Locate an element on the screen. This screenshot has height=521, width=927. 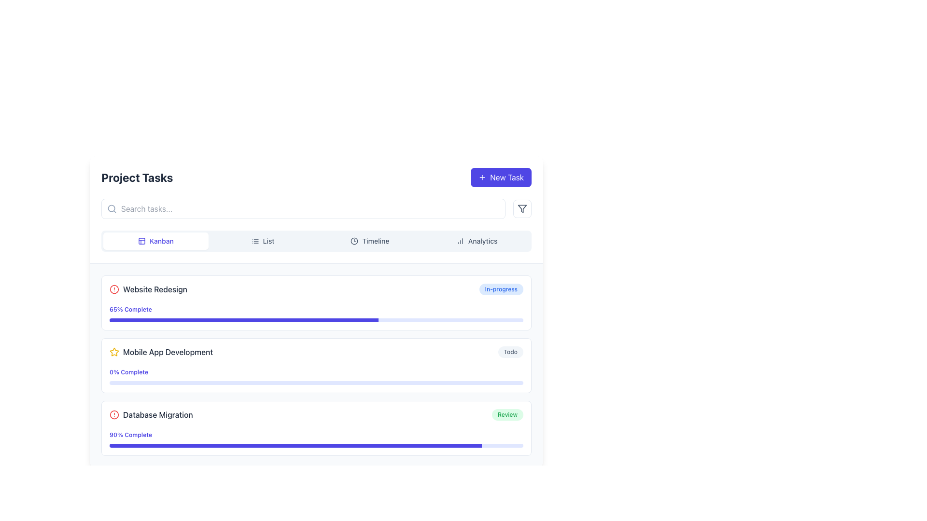
the rectangular button with a violet background labeled 'New Task' is located at coordinates (501, 177).